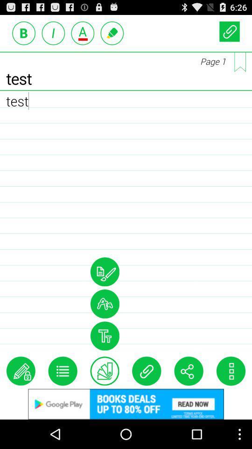  What do you see at coordinates (24, 33) in the screenshot?
I see `make text bold` at bounding box center [24, 33].